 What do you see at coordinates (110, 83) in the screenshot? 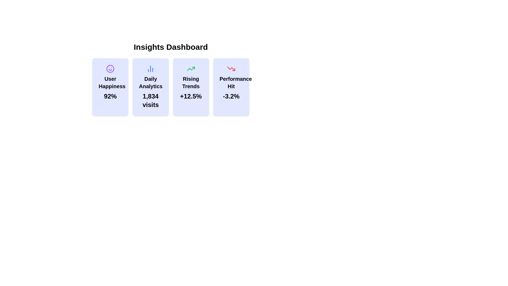
I see `the bold 'User Happiness' label displayed in a larger font size with black color, located within the first summary card on the dashboard, positioned below a purple smiley icon and above the percentage value '92%'` at bounding box center [110, 83].